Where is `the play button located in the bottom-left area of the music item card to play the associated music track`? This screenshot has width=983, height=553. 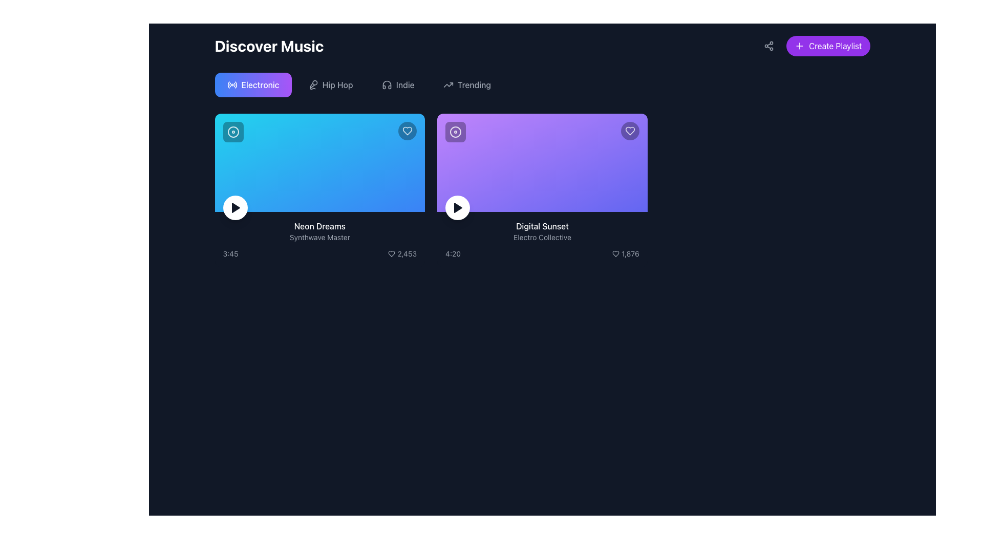 the play button located in the bottom-left area of the music item card to play the associated music track is located at coordinates (234, 207).